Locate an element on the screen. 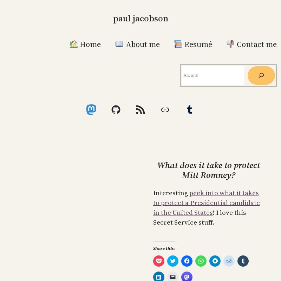 The height and width of the screenshot is (281, 281). 'Interesting' is located at coordinates (171, 192).